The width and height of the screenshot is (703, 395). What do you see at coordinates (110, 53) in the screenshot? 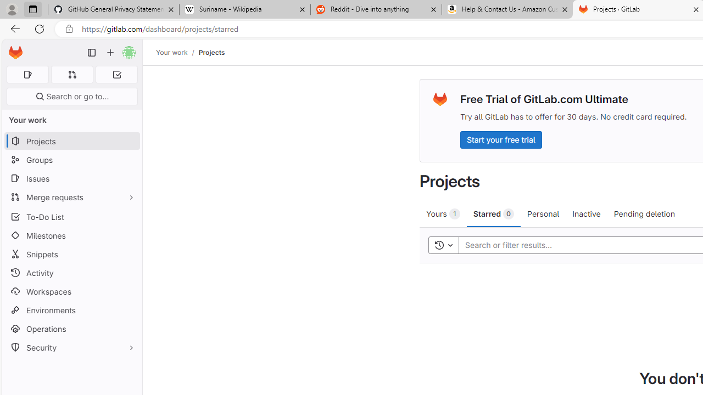
I see `'Create new...'` at bounding box center [110, 53].